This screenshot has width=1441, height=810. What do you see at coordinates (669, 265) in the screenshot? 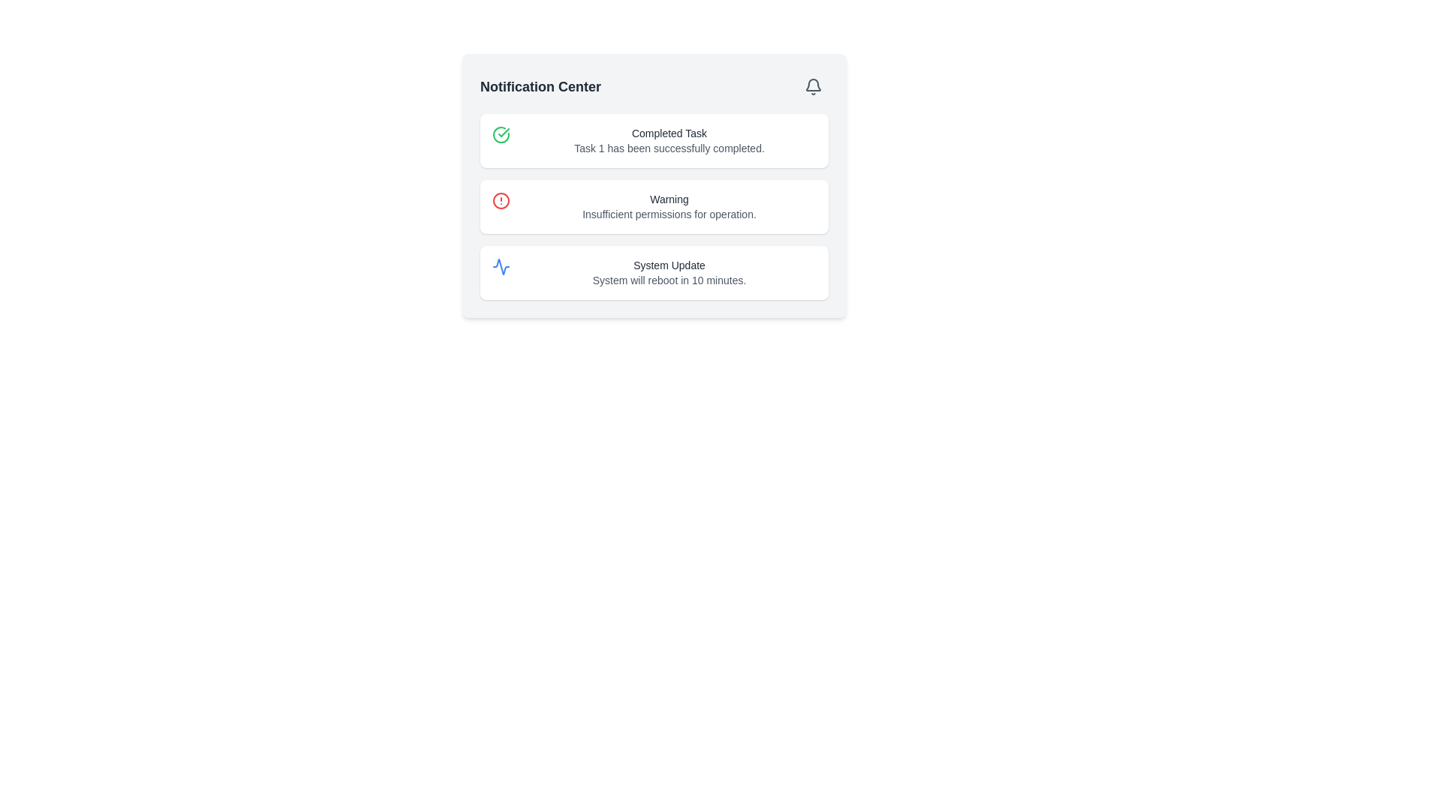
I see `the 'System Update' text label, which is styled in dark gray and located in the lower section of a notification card, above the 'System will reboot in 10 minutes' text` at bounding box center [669, 265].